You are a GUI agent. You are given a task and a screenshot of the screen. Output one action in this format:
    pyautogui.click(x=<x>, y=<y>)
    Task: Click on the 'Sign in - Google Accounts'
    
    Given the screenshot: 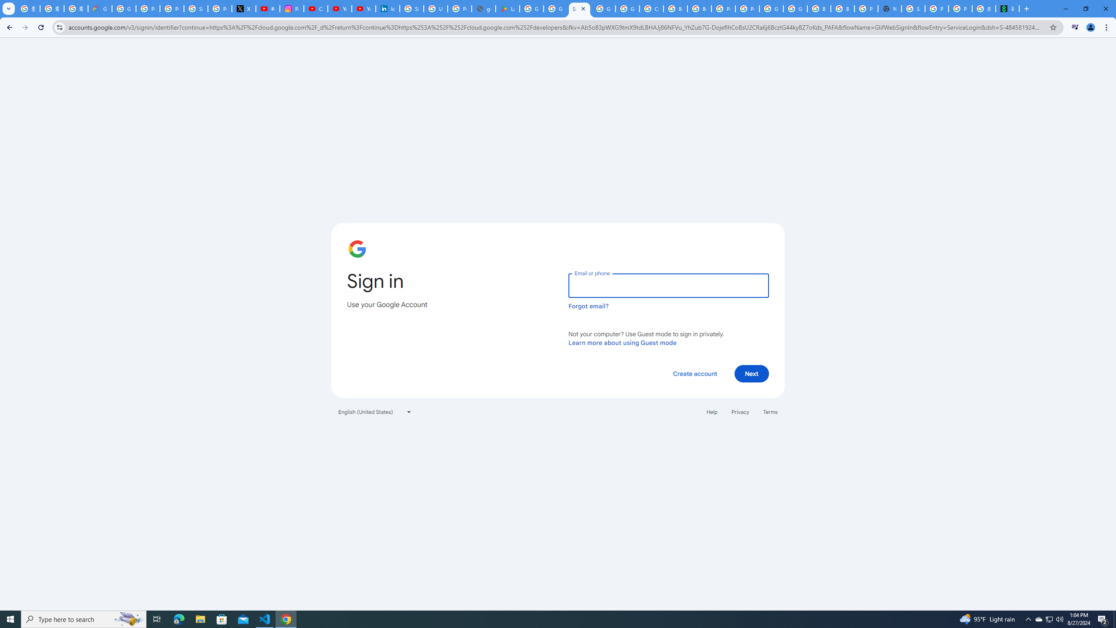 What is the action you would take?
    pyautogui.click(x=411, y=8)
    